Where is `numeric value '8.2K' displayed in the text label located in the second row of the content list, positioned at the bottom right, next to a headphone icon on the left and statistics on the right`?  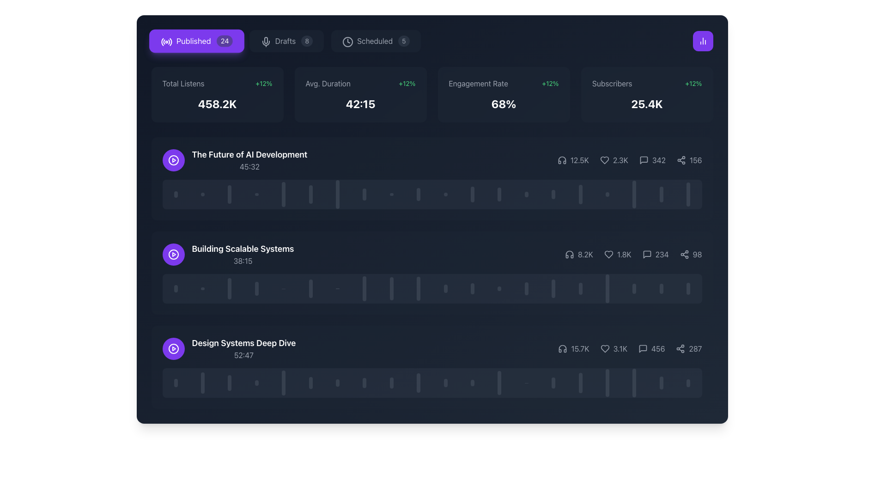
numeric value '8.2K' displayed in the text label located in the second row of the content list, positioned at the bottom right, next to a headphone icon on the left and statistics on the right is located at coordinates (585, 255).